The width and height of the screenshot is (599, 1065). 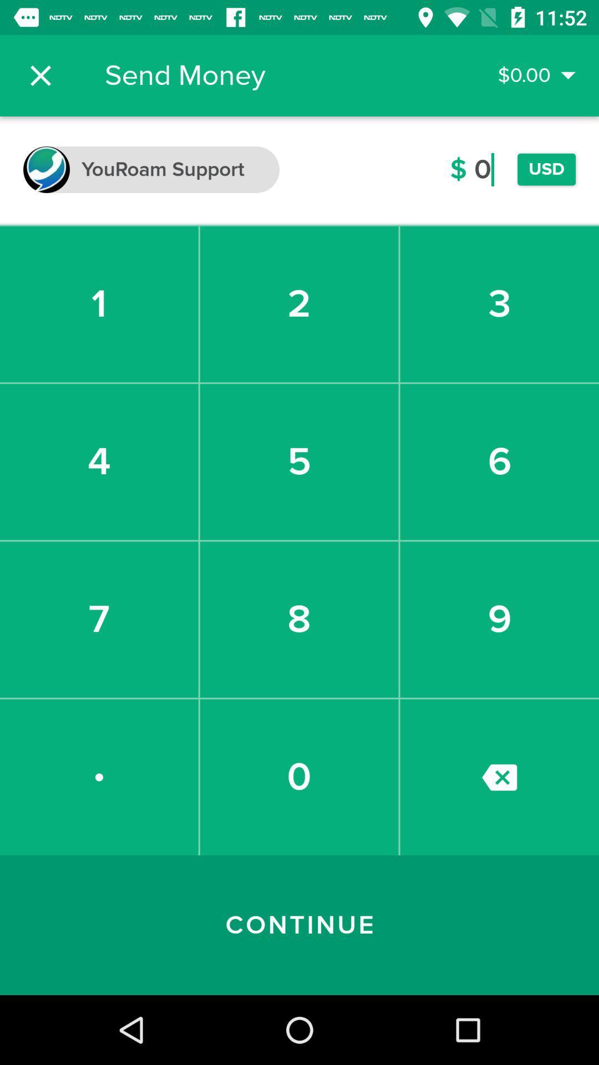 I want to click on ., so click(x=98, y=777).